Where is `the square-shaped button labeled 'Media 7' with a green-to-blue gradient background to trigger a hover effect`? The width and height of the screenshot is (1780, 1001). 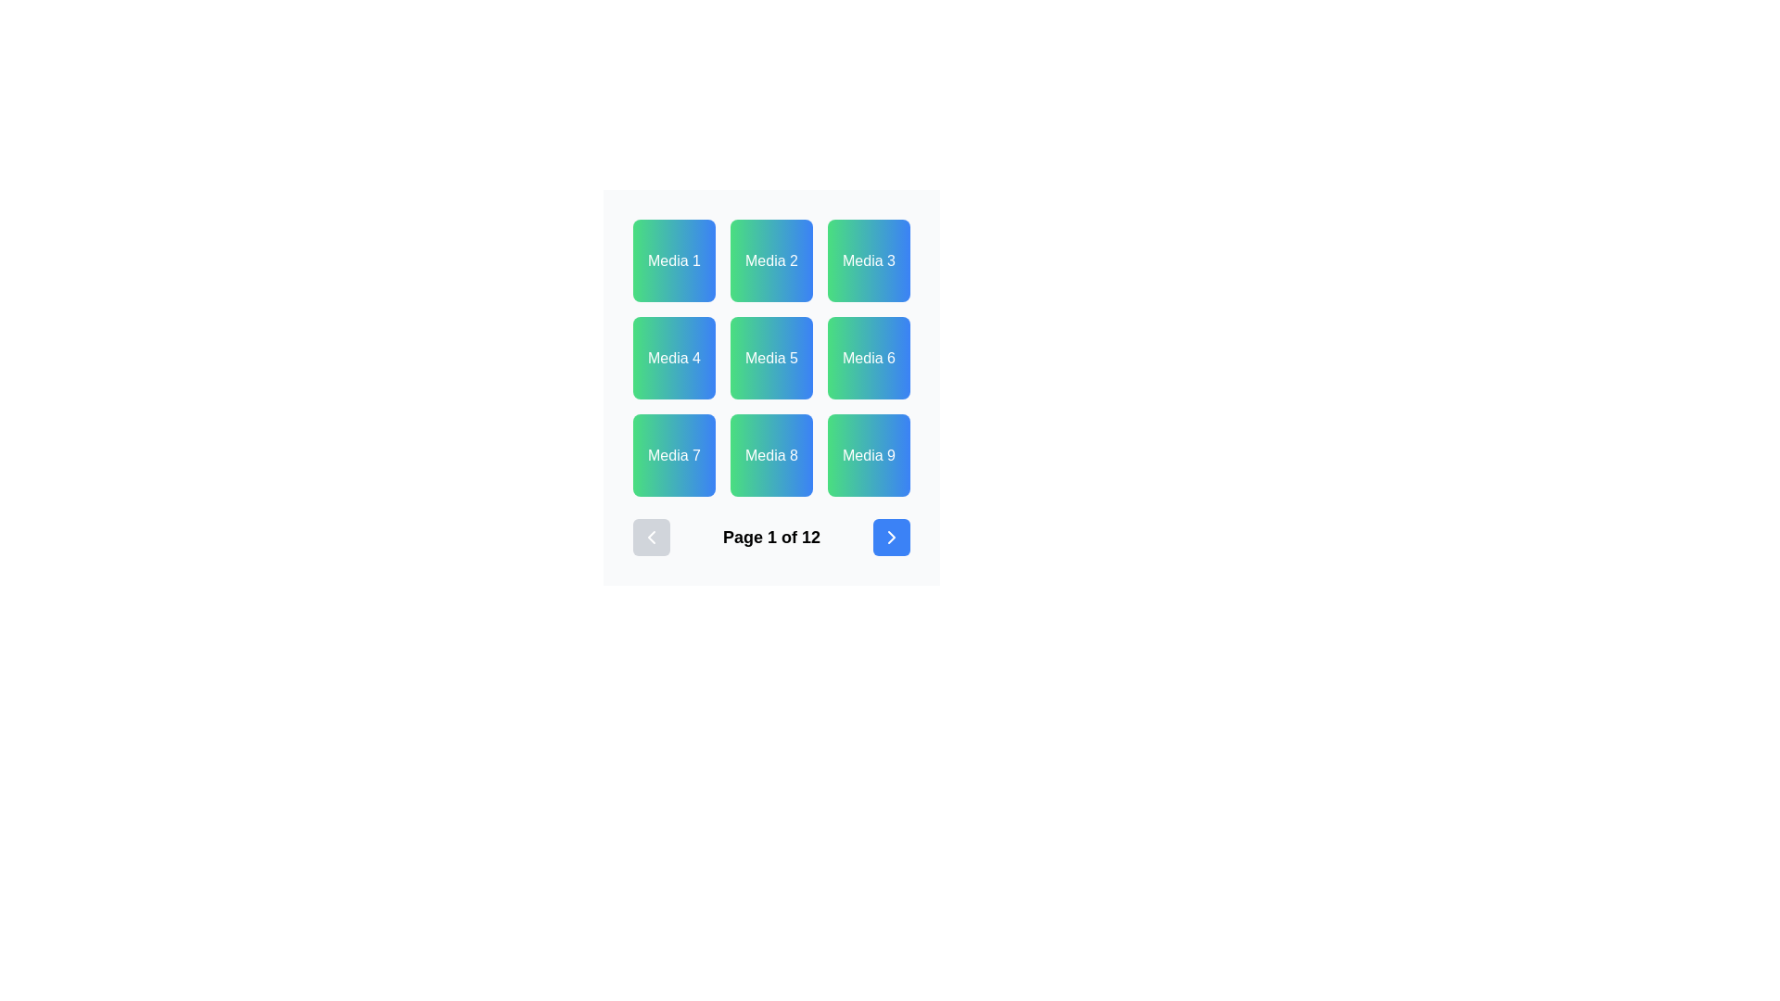
the square-shaped button labeled 'Media 7' with a green-to-blue gradient background to trigger a hover effect is located at coordinates (673, 455).